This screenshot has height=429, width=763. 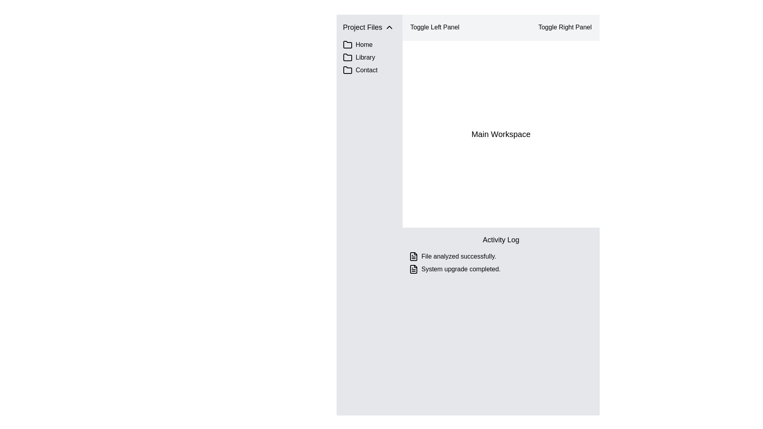 What do you see at coordinates (347, 57) in the screenshot?
I see `the folder icon representing the 'Library' section located in the left-side navigation panel, which is the second item under 'Project Files'` at bounding box center [347, 57].